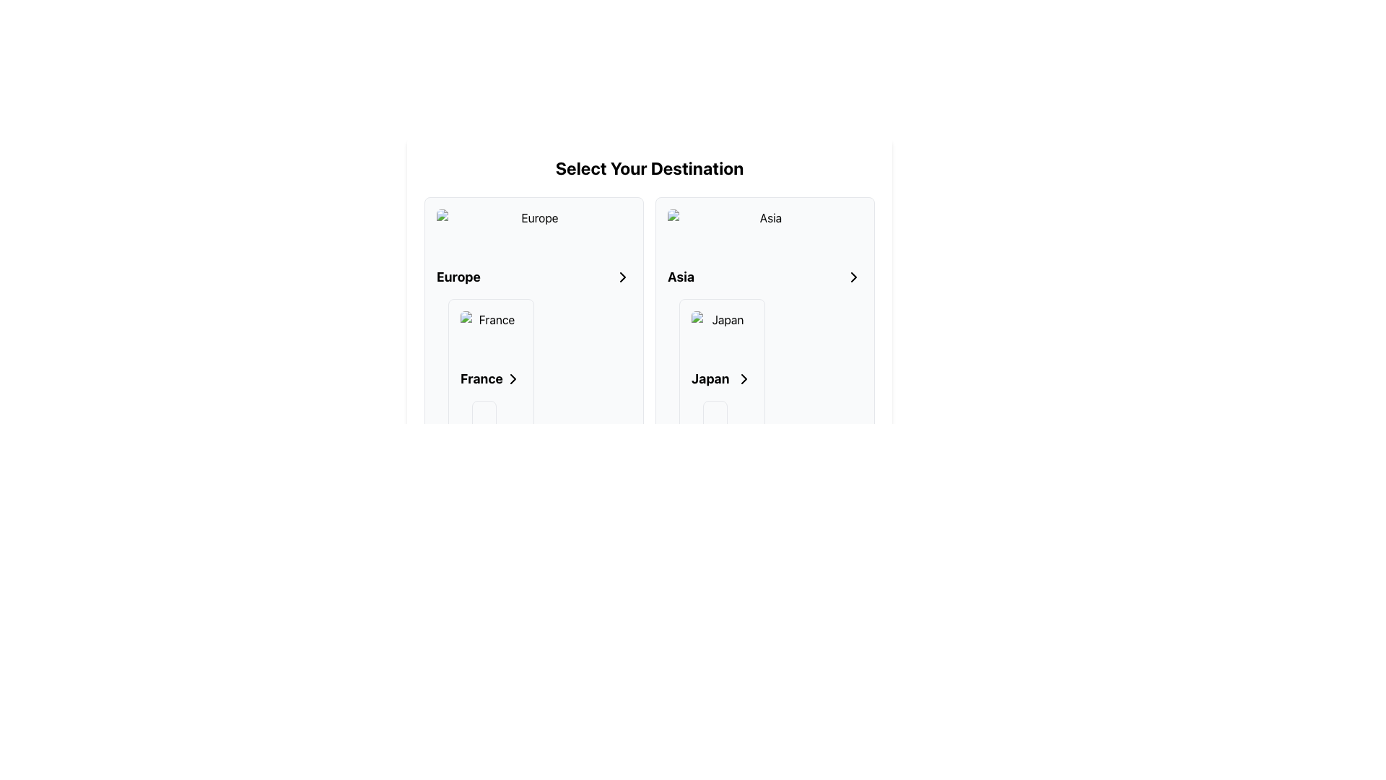 The width and height of the screenshot is (1386, 780). I want to click on the horizontal layout element containing the bold text 'Japan' and the right-facing chevron icon, so click(722, 378).